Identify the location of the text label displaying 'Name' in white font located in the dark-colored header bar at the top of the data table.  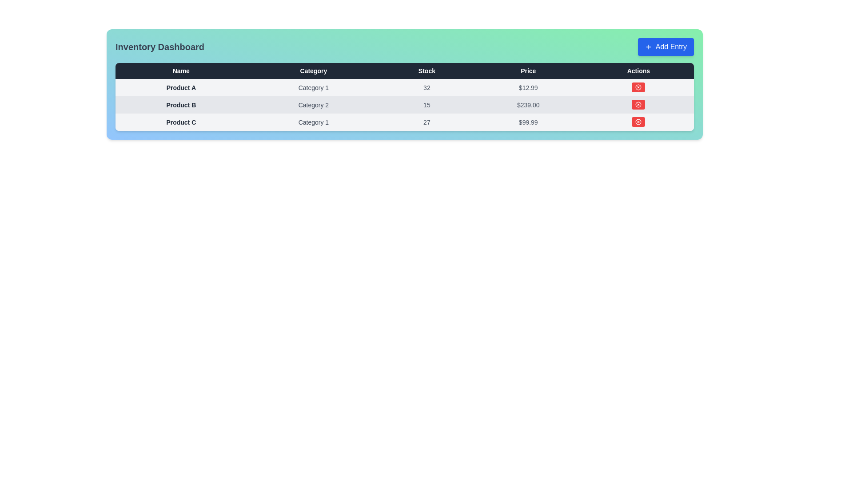
(180, 70).